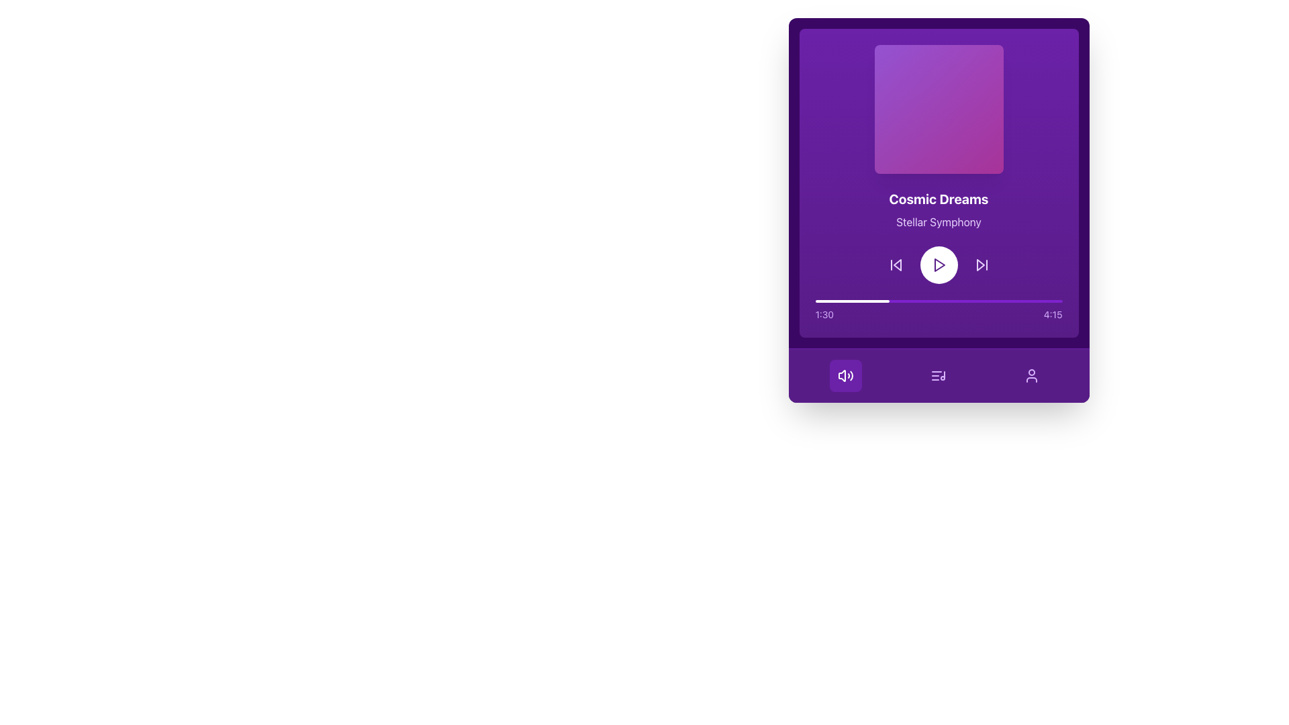 The image size is (1289, 725). I want to click on the volume control button located at the bottom-left corner of the navigation bar, so click(845, 375).